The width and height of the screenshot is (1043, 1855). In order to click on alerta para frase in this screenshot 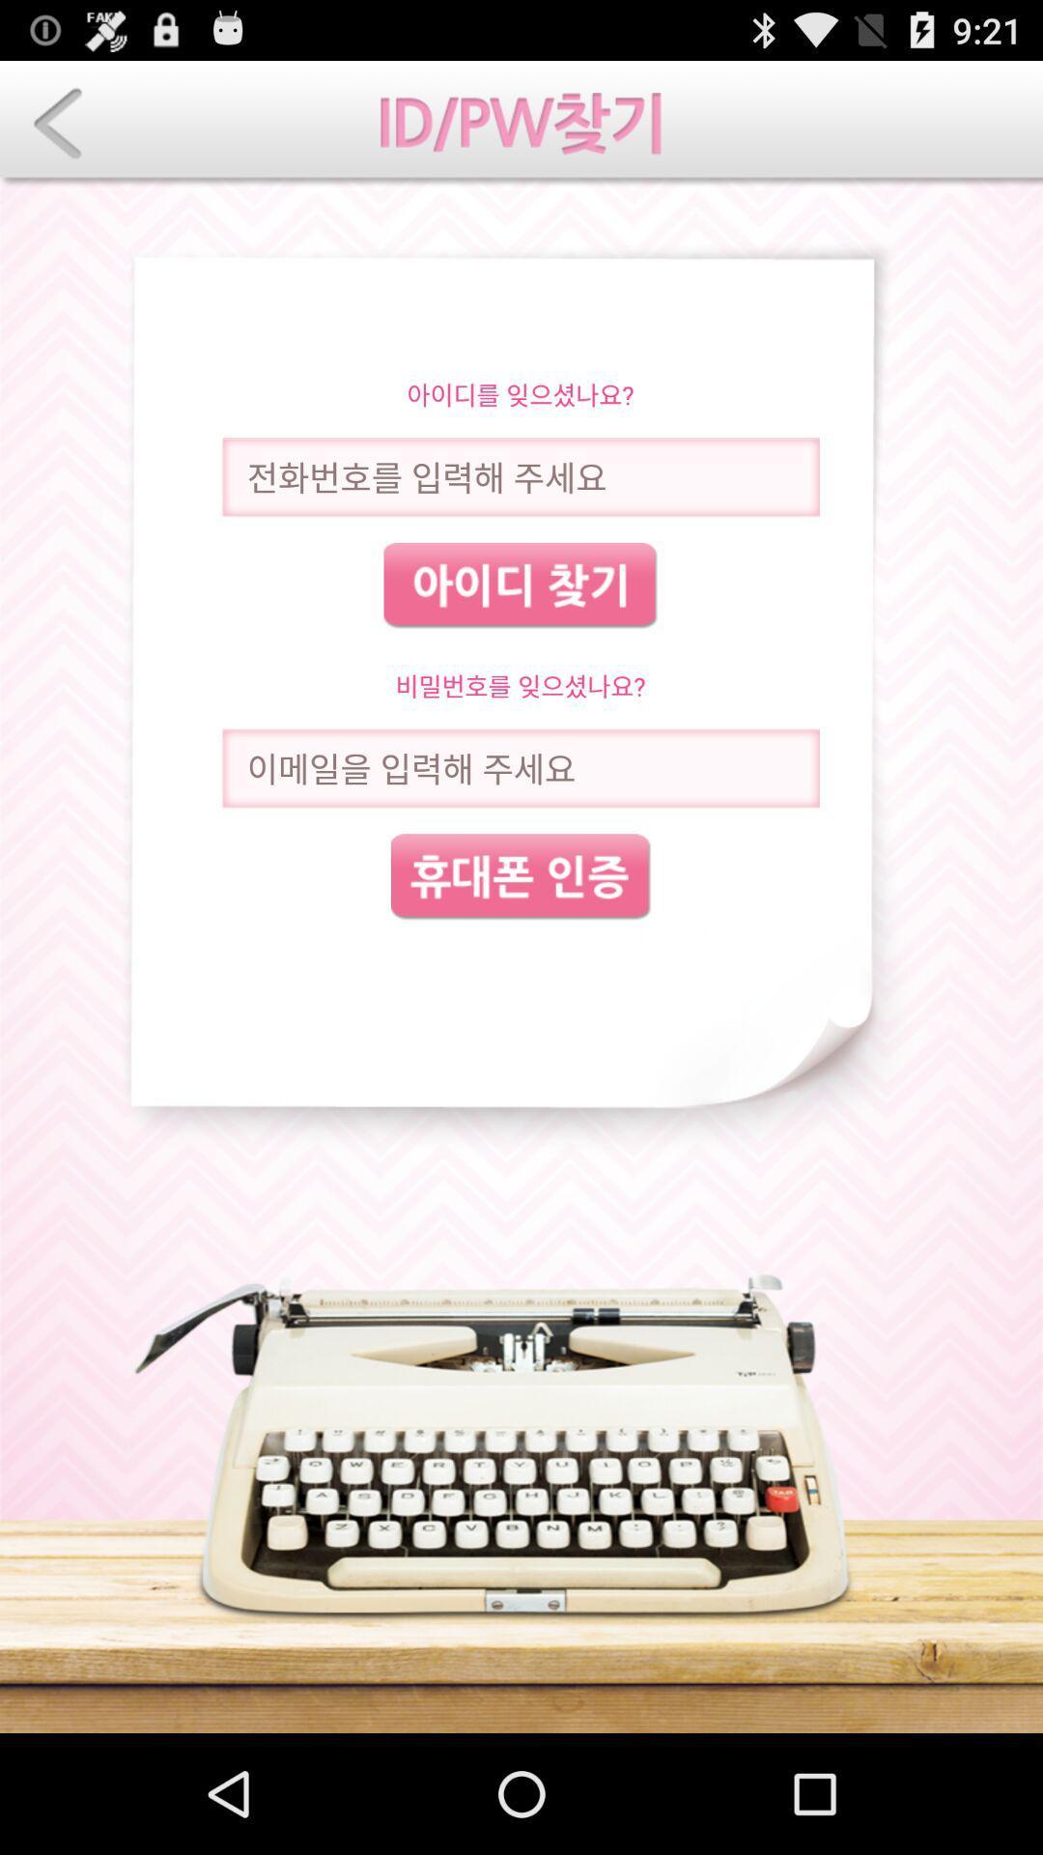, I will do `click(520, 767)`.